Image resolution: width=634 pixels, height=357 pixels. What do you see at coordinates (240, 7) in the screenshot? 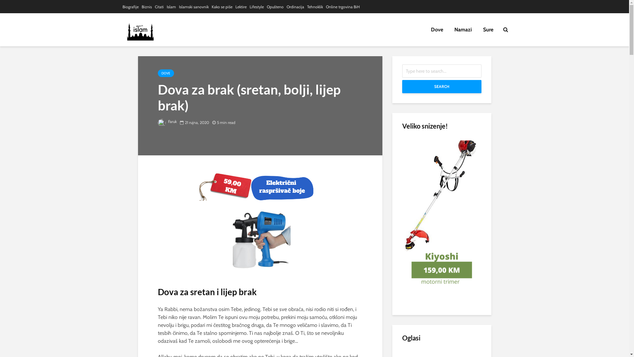
I see `'Lektire'` at bounding box center [240, 7].